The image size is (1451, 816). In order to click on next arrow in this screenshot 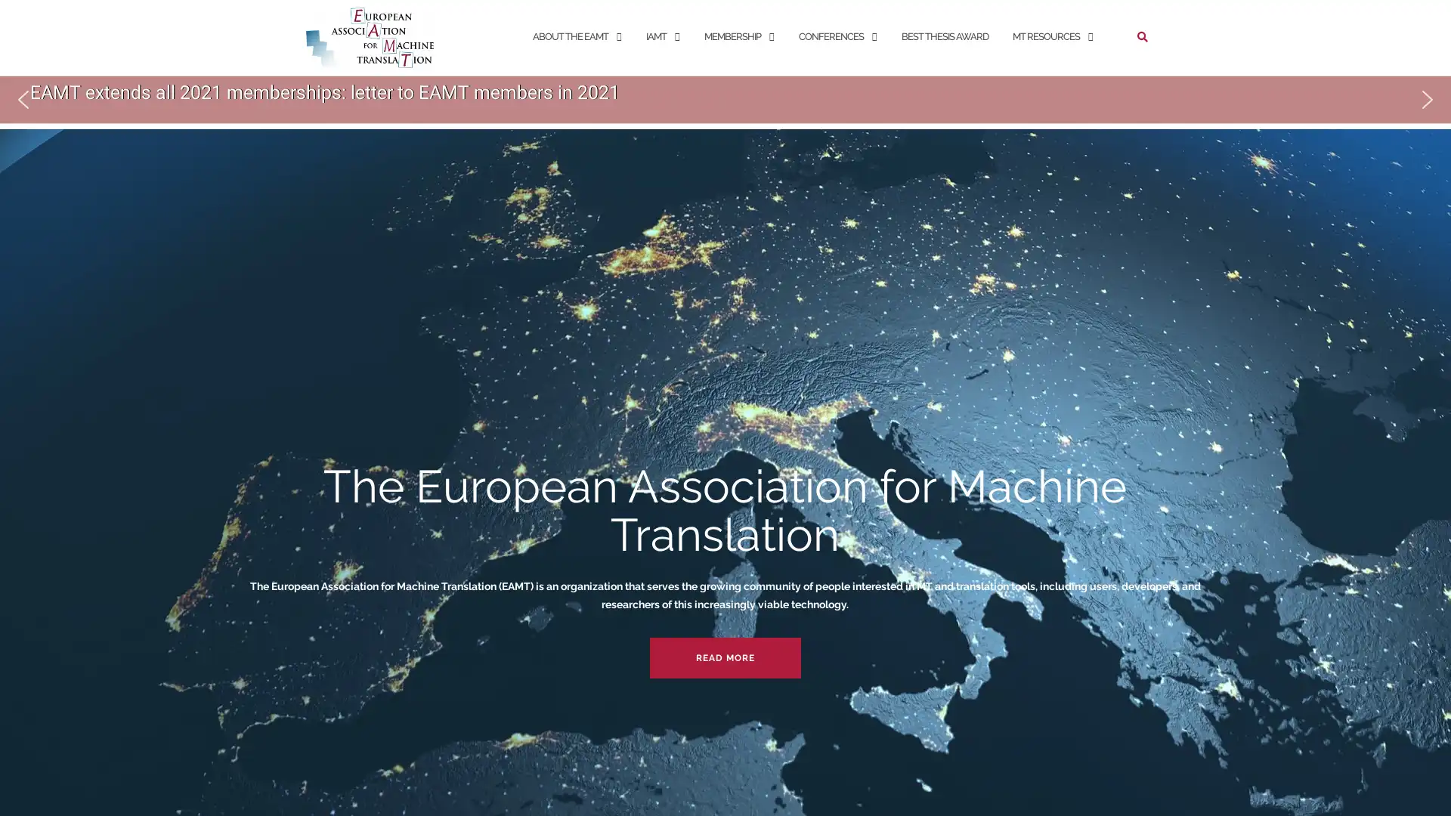, I will do `click(1427, 99)`.